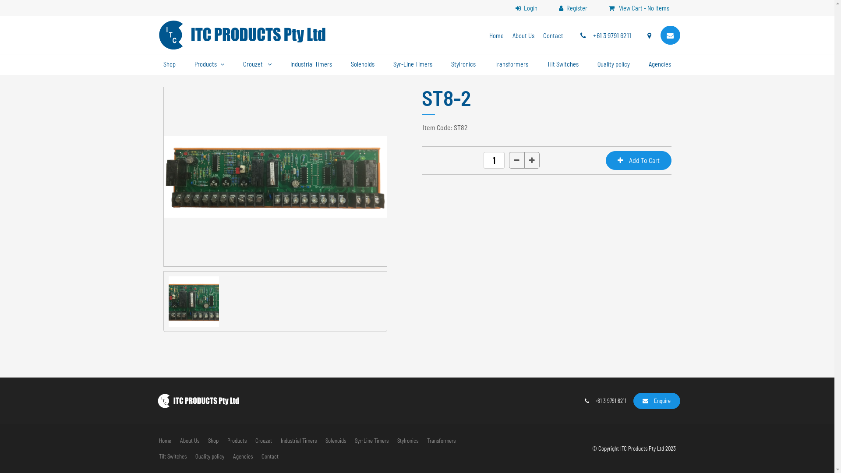  Describe the element at coordinates (229, 456) in the screenshot. I see `'Agencies'` at that location.